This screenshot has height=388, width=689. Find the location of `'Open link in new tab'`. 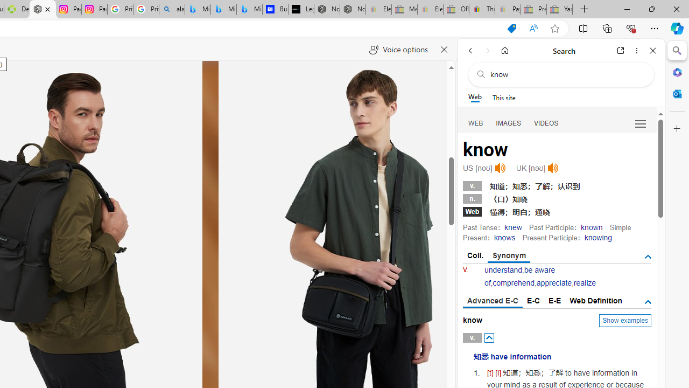

'Open link in new tab' is located at coordinates (621, 50).